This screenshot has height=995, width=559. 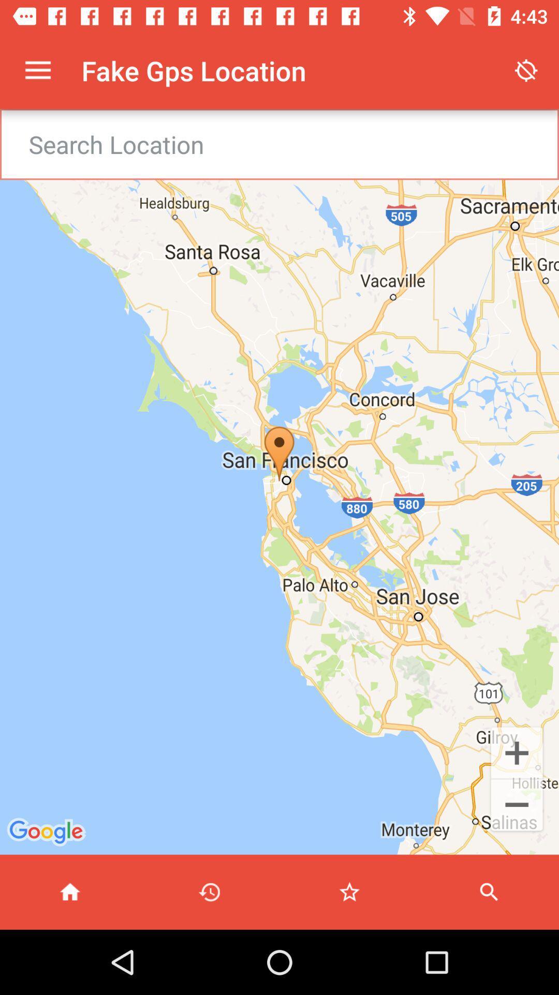 I want to click on app to the right of the fake gps location item, so click(x=526, y=70).